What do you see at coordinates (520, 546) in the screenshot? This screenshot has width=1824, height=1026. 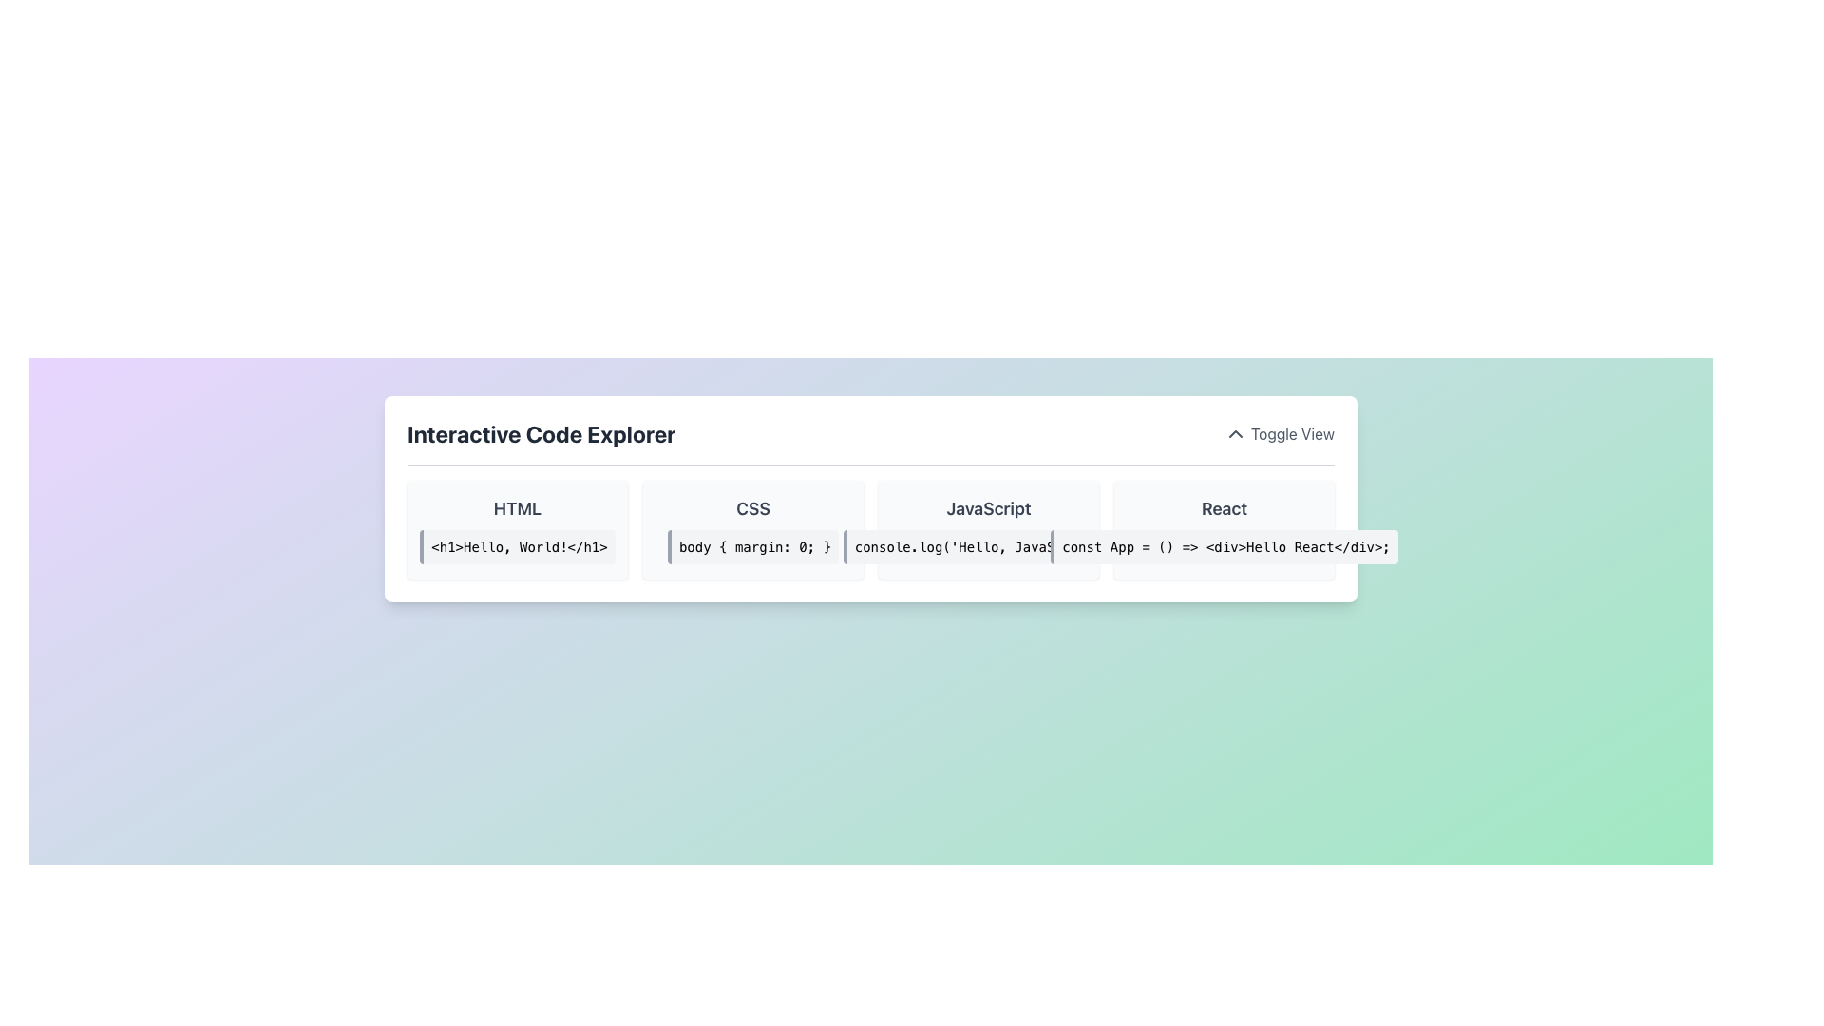 I see `the HTML header element that serves as a prominent greeting message or tagline, located within a specific column of an arranged layout` at bounding box center [520, 546].